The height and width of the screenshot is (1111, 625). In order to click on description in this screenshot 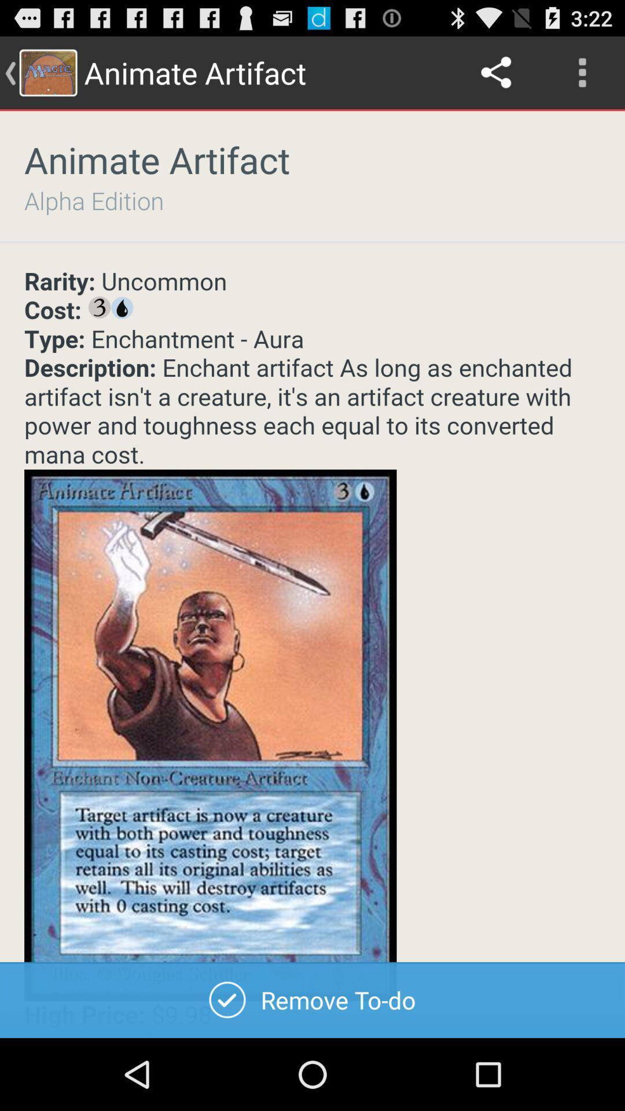, I will do `click(312, 653)`.